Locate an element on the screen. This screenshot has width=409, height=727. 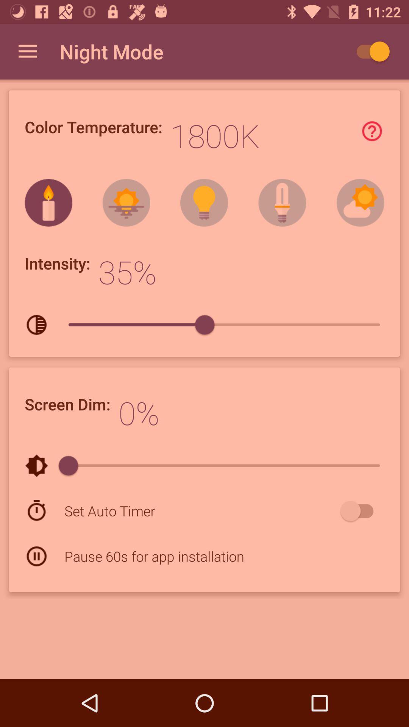
the item at the bottom right corner is located at coordinates (360, 511).